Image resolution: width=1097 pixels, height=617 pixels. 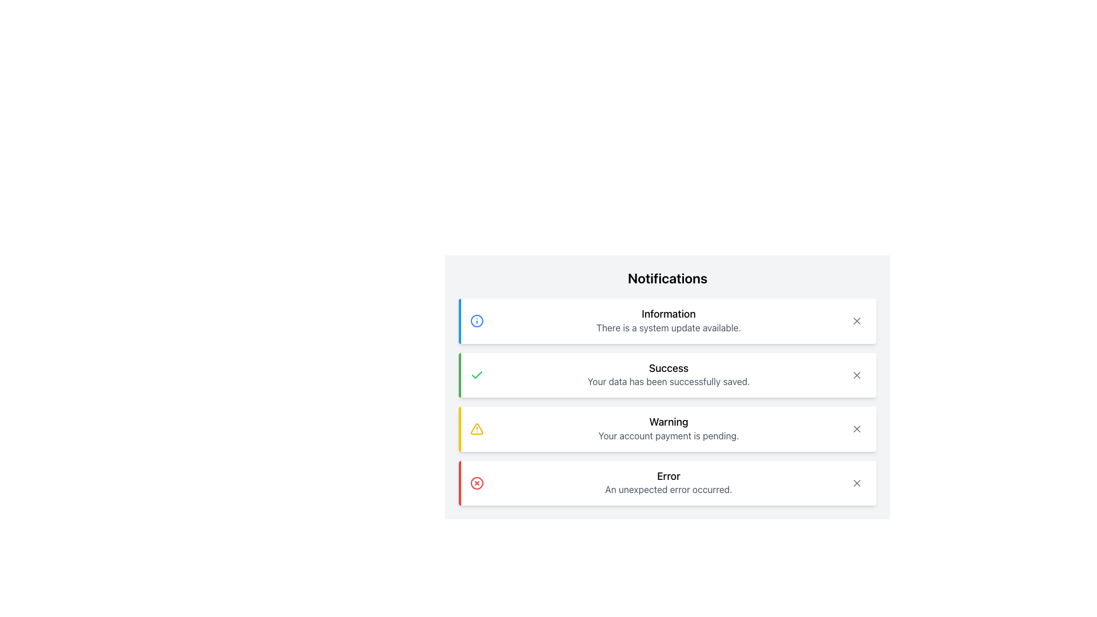 What do you see at coordinates (856, 374) in the screenshot?
I see `the dismiss button located in the top right corner of the 'Success' notification, next to the text 'Your data has been successfully saved.'` at bounding box center [856, 374].